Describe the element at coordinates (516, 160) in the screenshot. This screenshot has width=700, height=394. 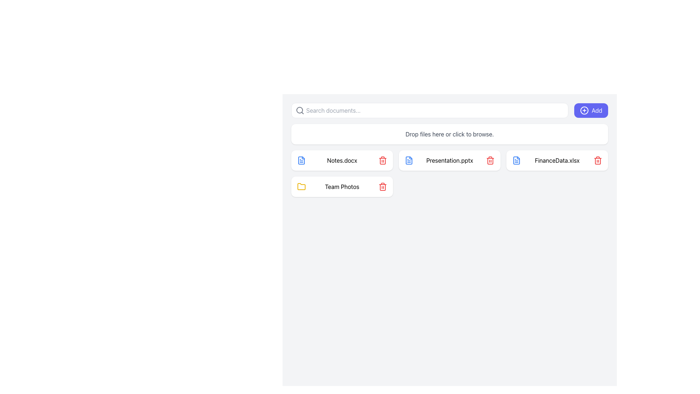
I see `the Graphical icon element (base shape) which serves as the foundational background of the document icon in the second column of the main grid interface` at that location.